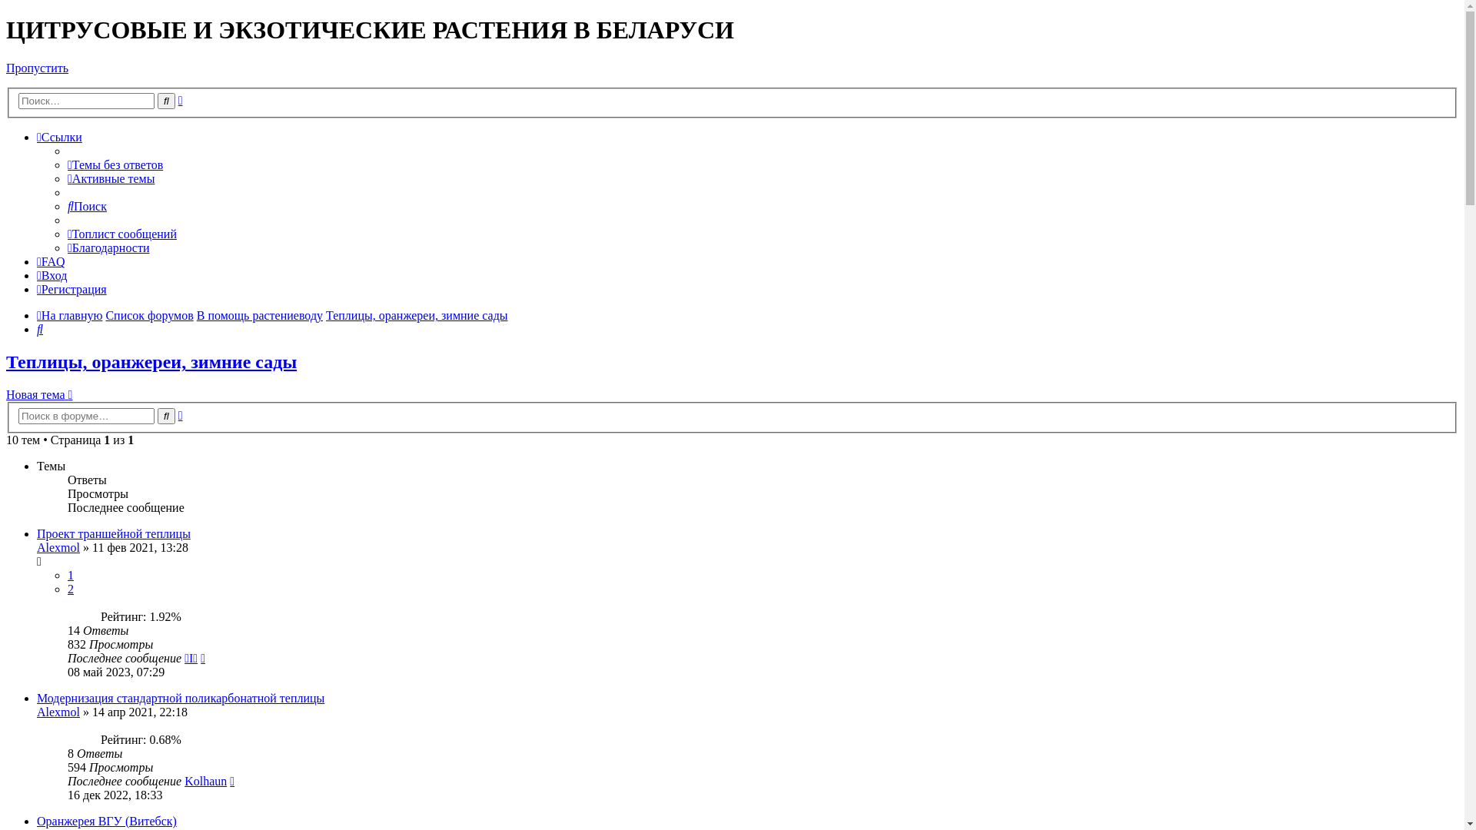 This screenshot has width=1476, height=830. I want to click on '1', so click(69, 575).